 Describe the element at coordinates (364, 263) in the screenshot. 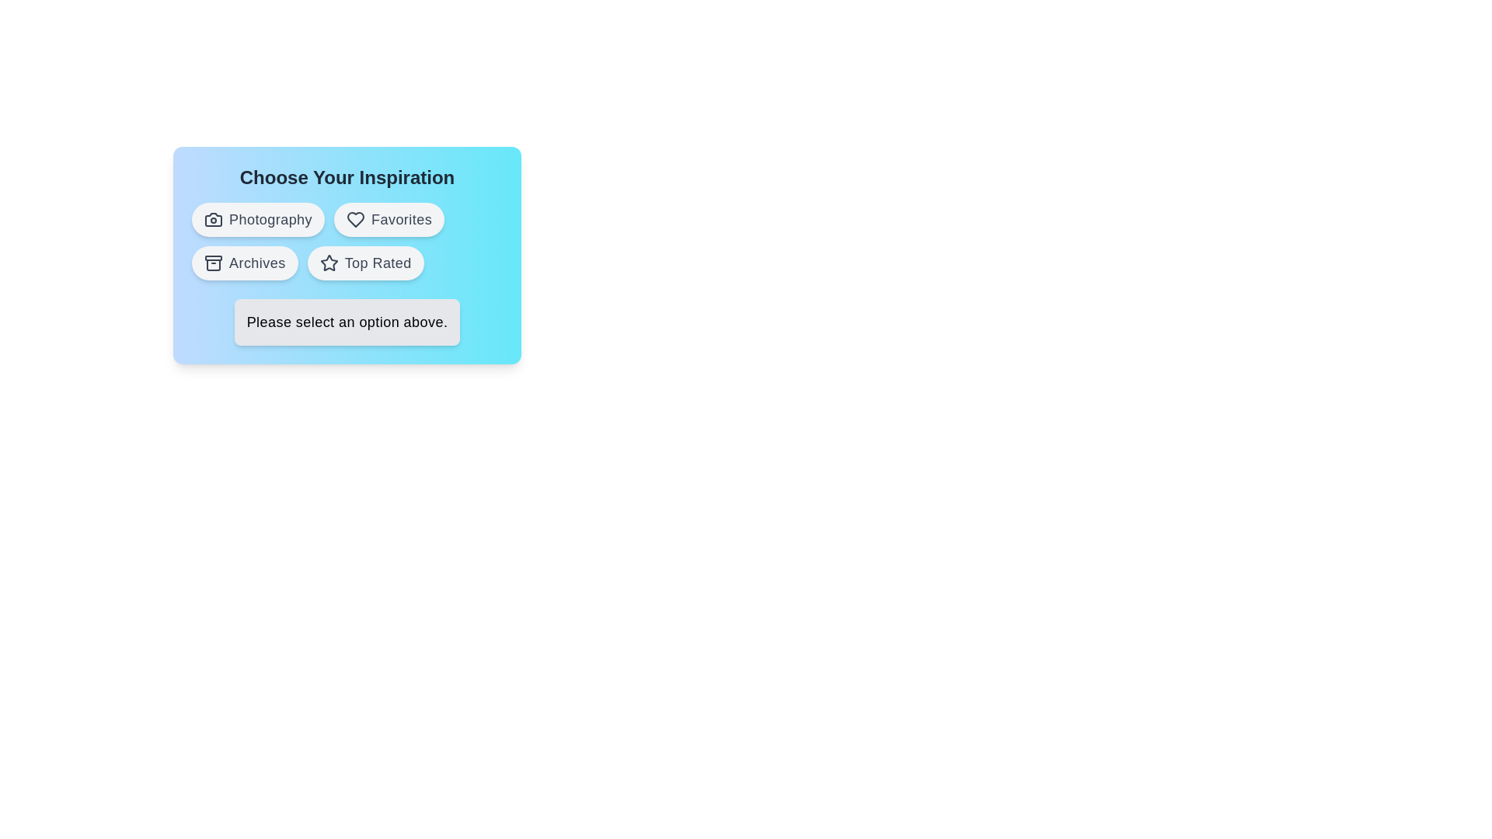

I see `the 'Top Rated' button, which is a rounded button with a light gray background and dark gray text, located in the bottom-right corner of a grid of options` at that location.